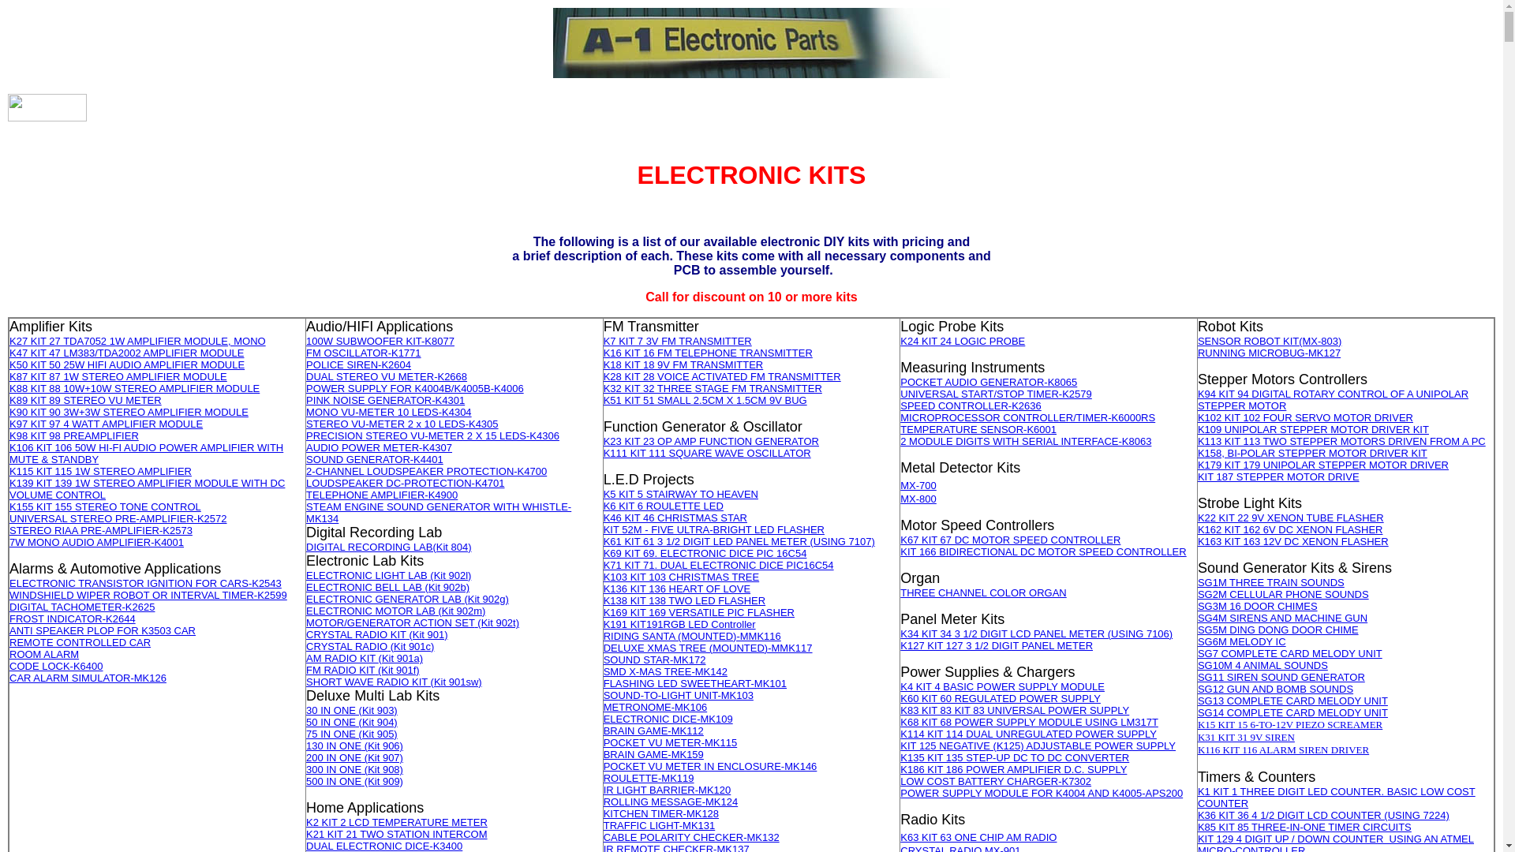  I want to click on 'K111 KIT 111 SQUARE WAVE OSCILLATOR', so click(706, 453).